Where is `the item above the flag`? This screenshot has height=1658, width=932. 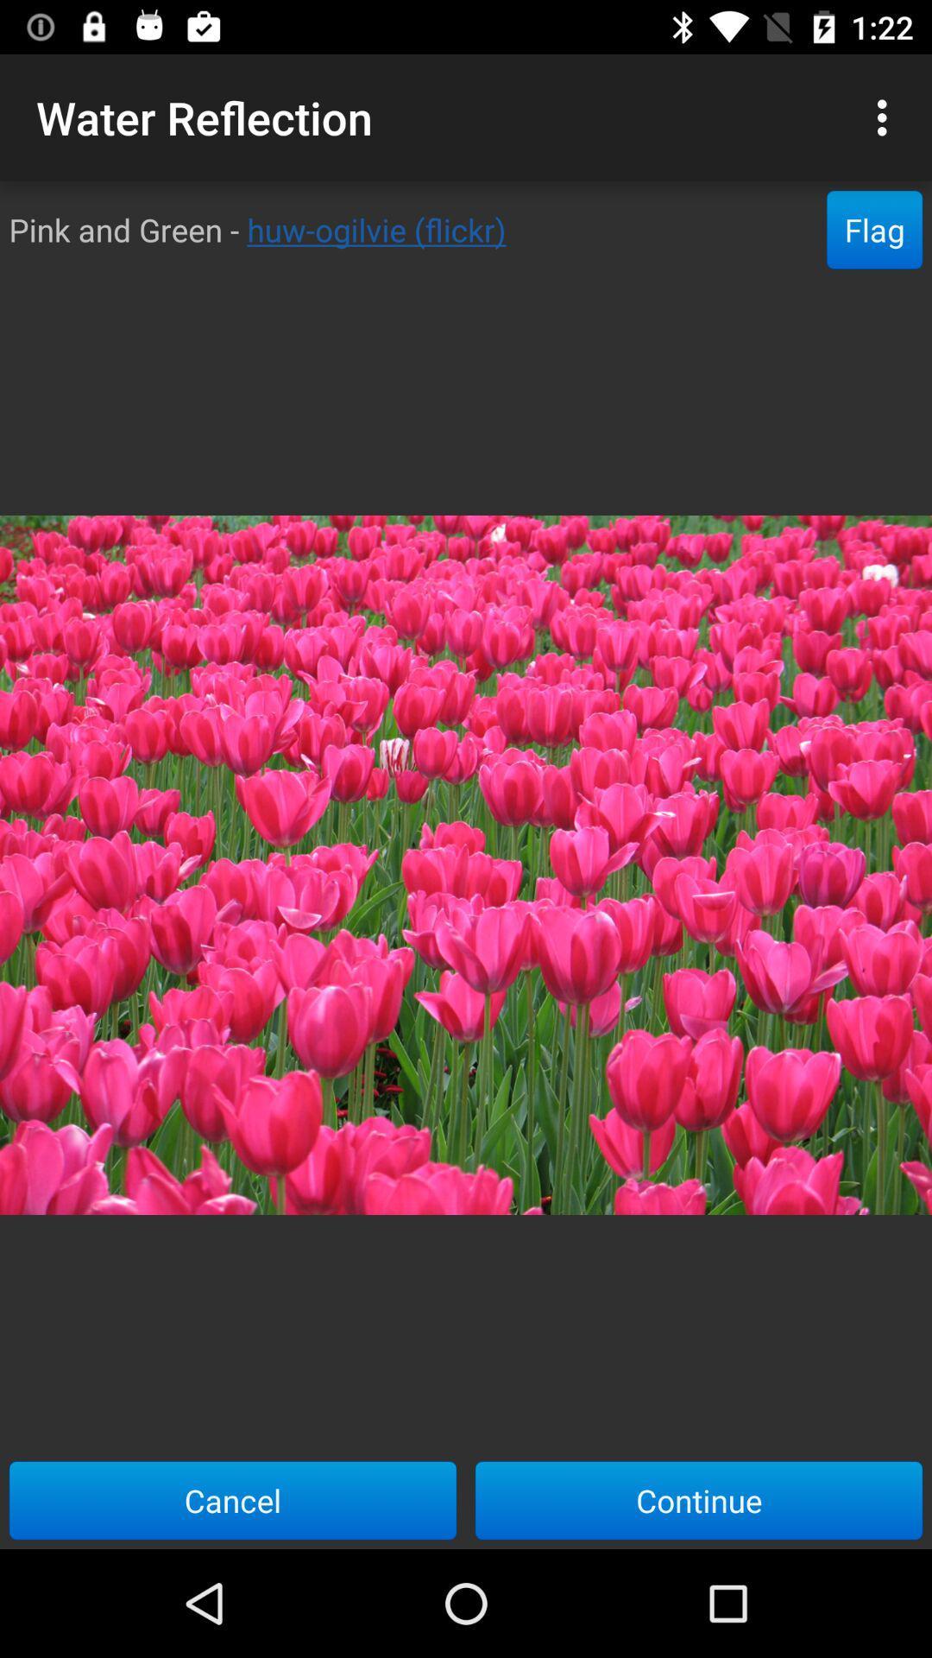
the item above the flag is located at coordinates (886, 117).